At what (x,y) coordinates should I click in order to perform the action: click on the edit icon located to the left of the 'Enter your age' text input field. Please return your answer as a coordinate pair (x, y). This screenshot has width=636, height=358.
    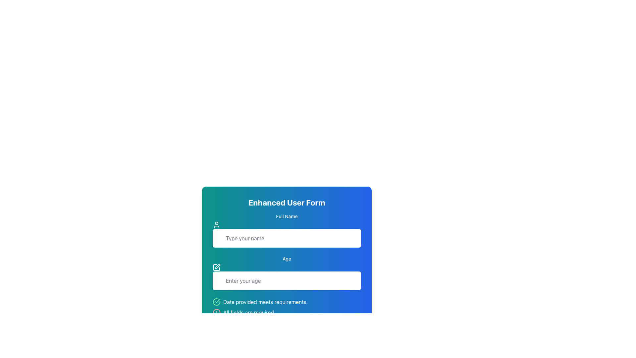
    Looking at the image, I should click on (216, 267).